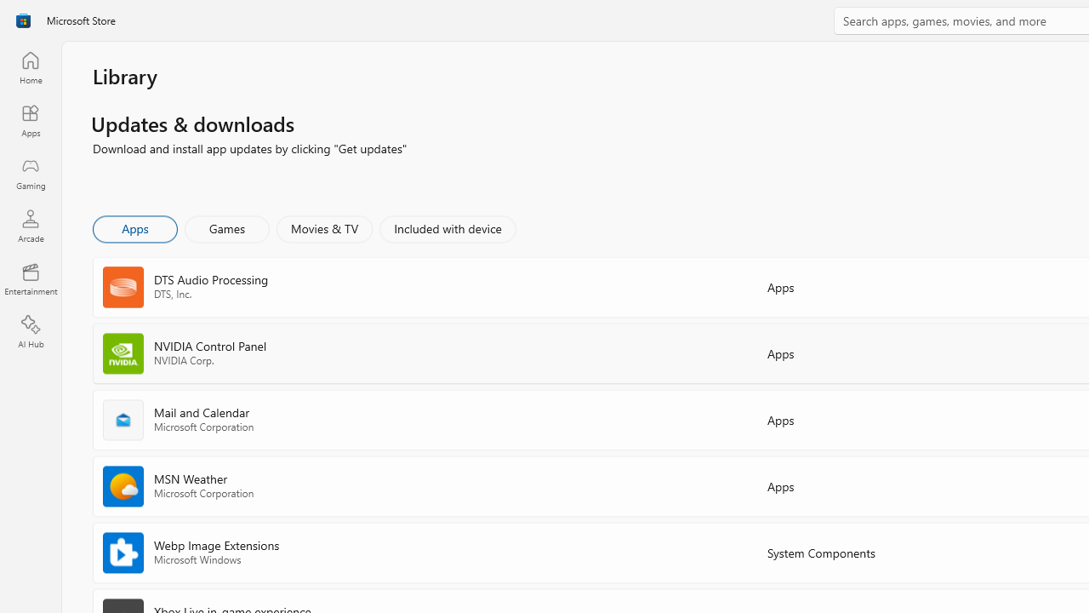  Describe the element at coordinates (30, 278) in the screenshot. I see `'Entertainment'` at that location.